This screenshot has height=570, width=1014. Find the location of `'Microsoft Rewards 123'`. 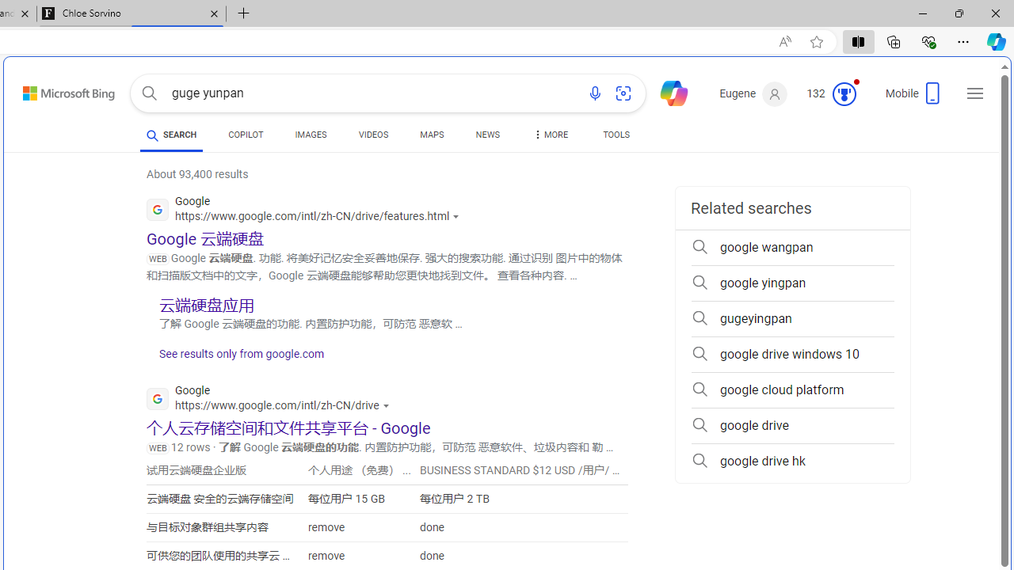

'Microsoft Rewards 123' is located at coordinates (833, 94).